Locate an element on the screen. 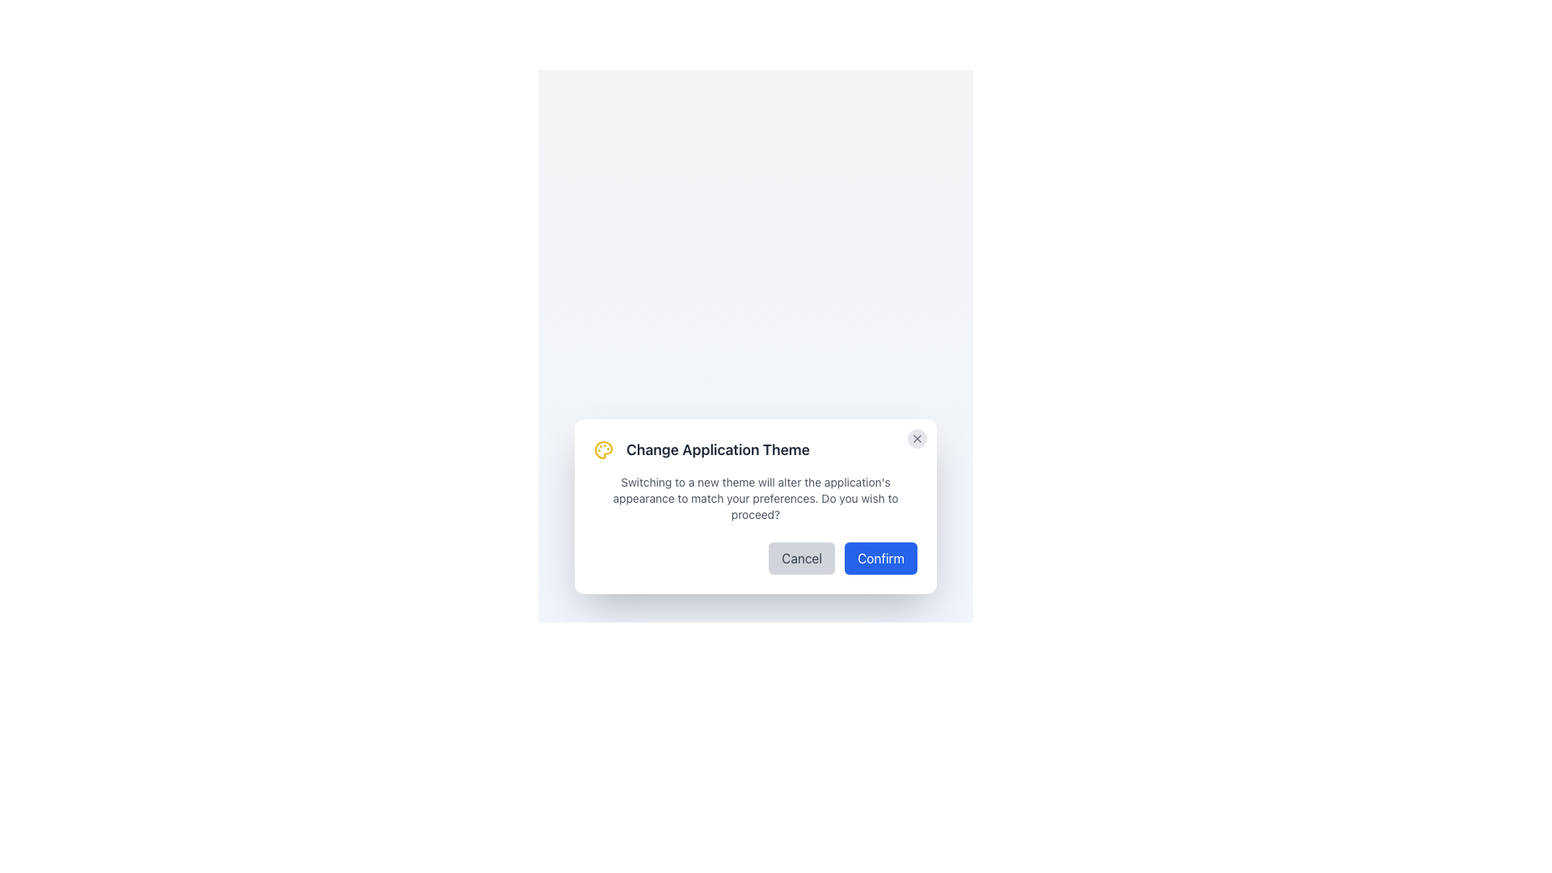 This screenshot has height=873, width=1552. the position and context of the painter's palette icon located in the header of the 'Change Application Theme' dialog box is located at coordinates (603, 449).